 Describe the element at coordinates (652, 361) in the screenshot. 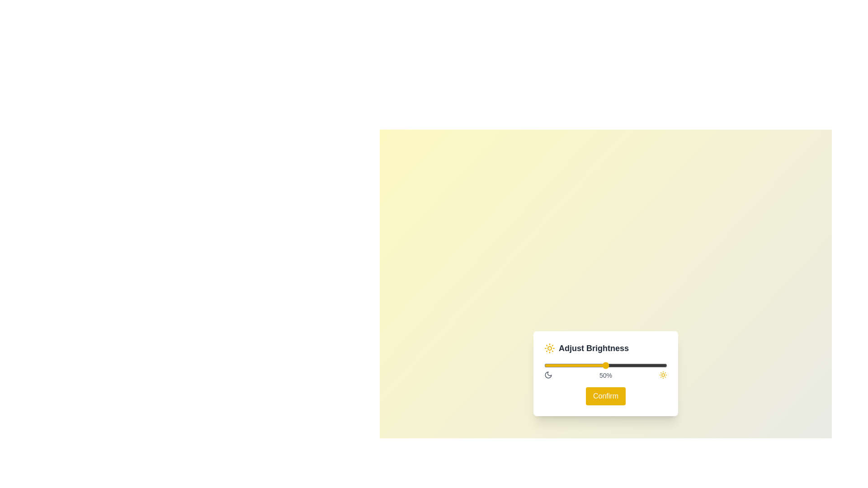

I see `the brightness slider to 88%` at that location.